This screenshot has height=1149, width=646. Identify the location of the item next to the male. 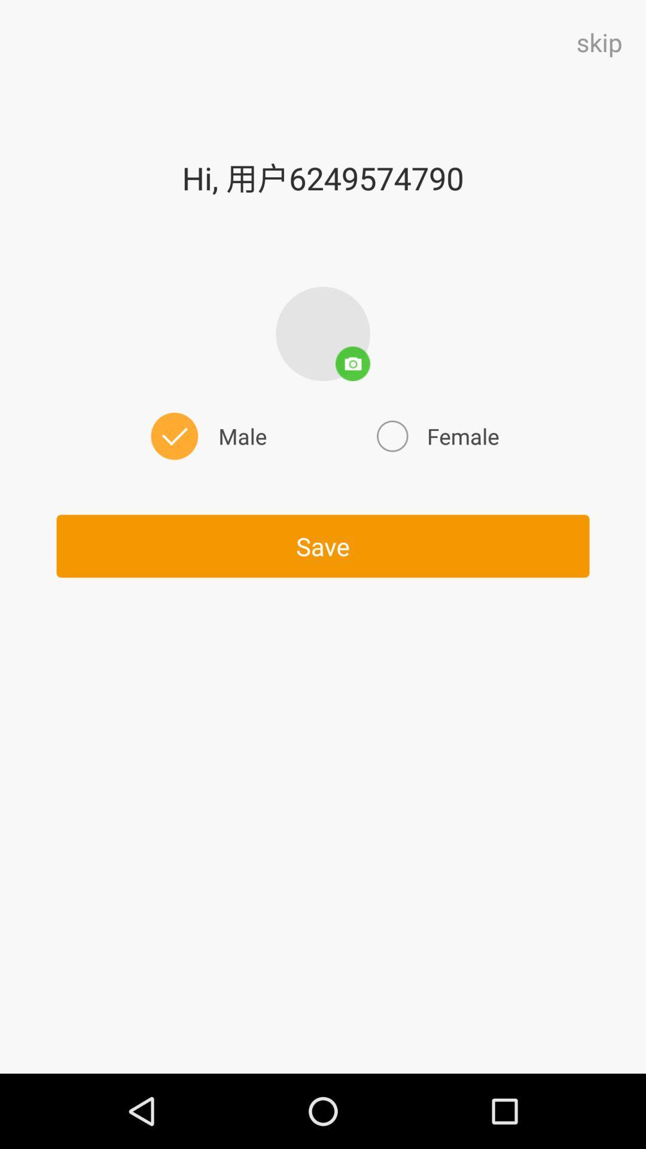
(436, 436).